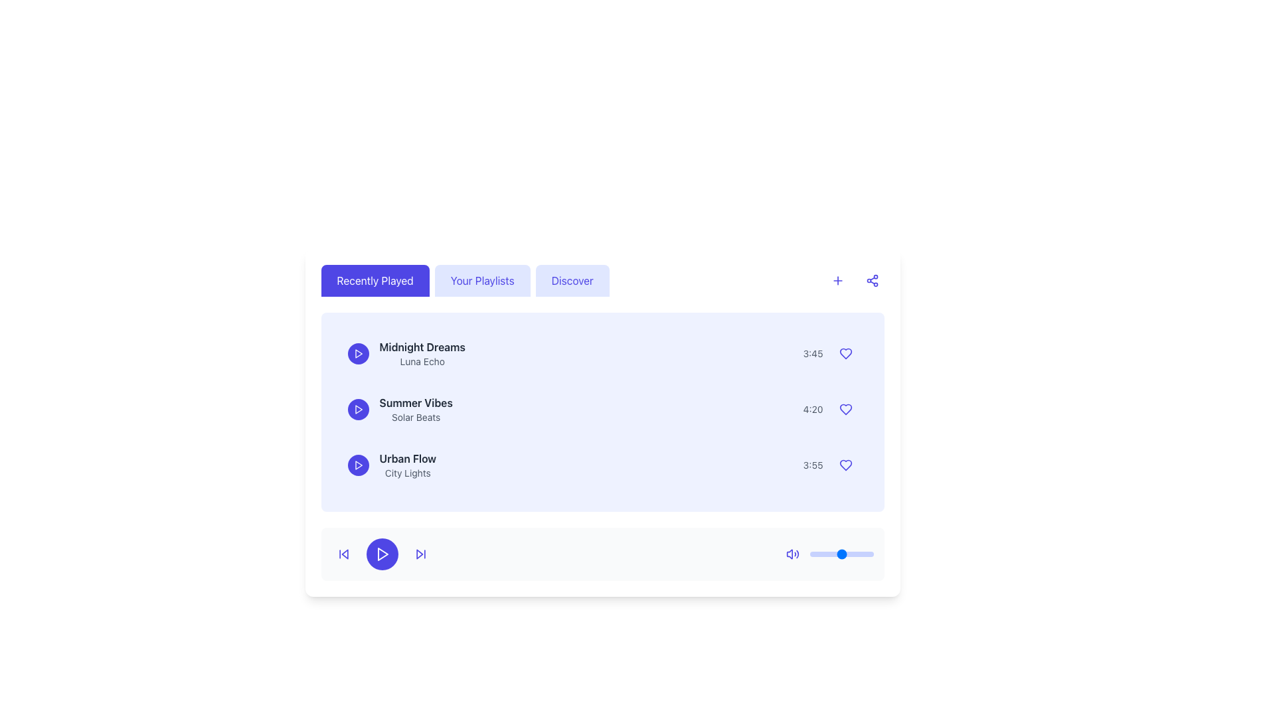  Describe the element at coordinates (407, 465) in the screenshot. I see `the 'Urban Flow' text label` at that location.